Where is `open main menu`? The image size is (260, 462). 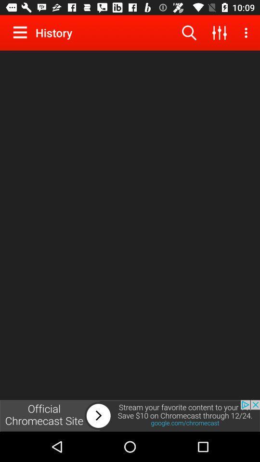
open main menu is located at coordinates (22, 32).